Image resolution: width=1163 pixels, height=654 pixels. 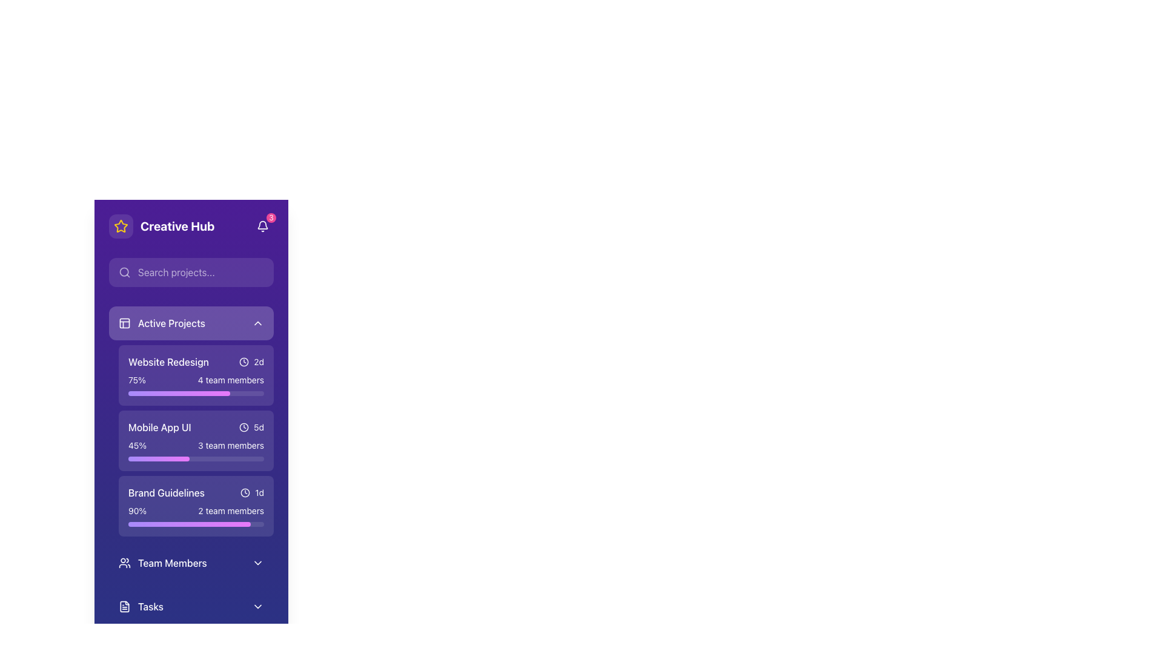 What do you see at coordinates (258, 426) in the screenshot?
I see `the static text label displaying '5d' in white font, located in the 'Active Projects' section within the 'Mobile App UI' project card, adjacent to the circular clock icon` at bounding box center [258, 426].